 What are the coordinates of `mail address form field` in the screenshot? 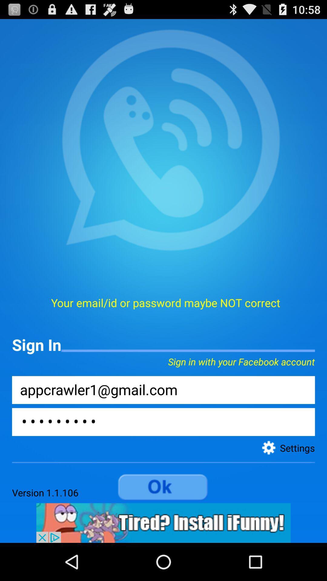 It's located at (163, 390).